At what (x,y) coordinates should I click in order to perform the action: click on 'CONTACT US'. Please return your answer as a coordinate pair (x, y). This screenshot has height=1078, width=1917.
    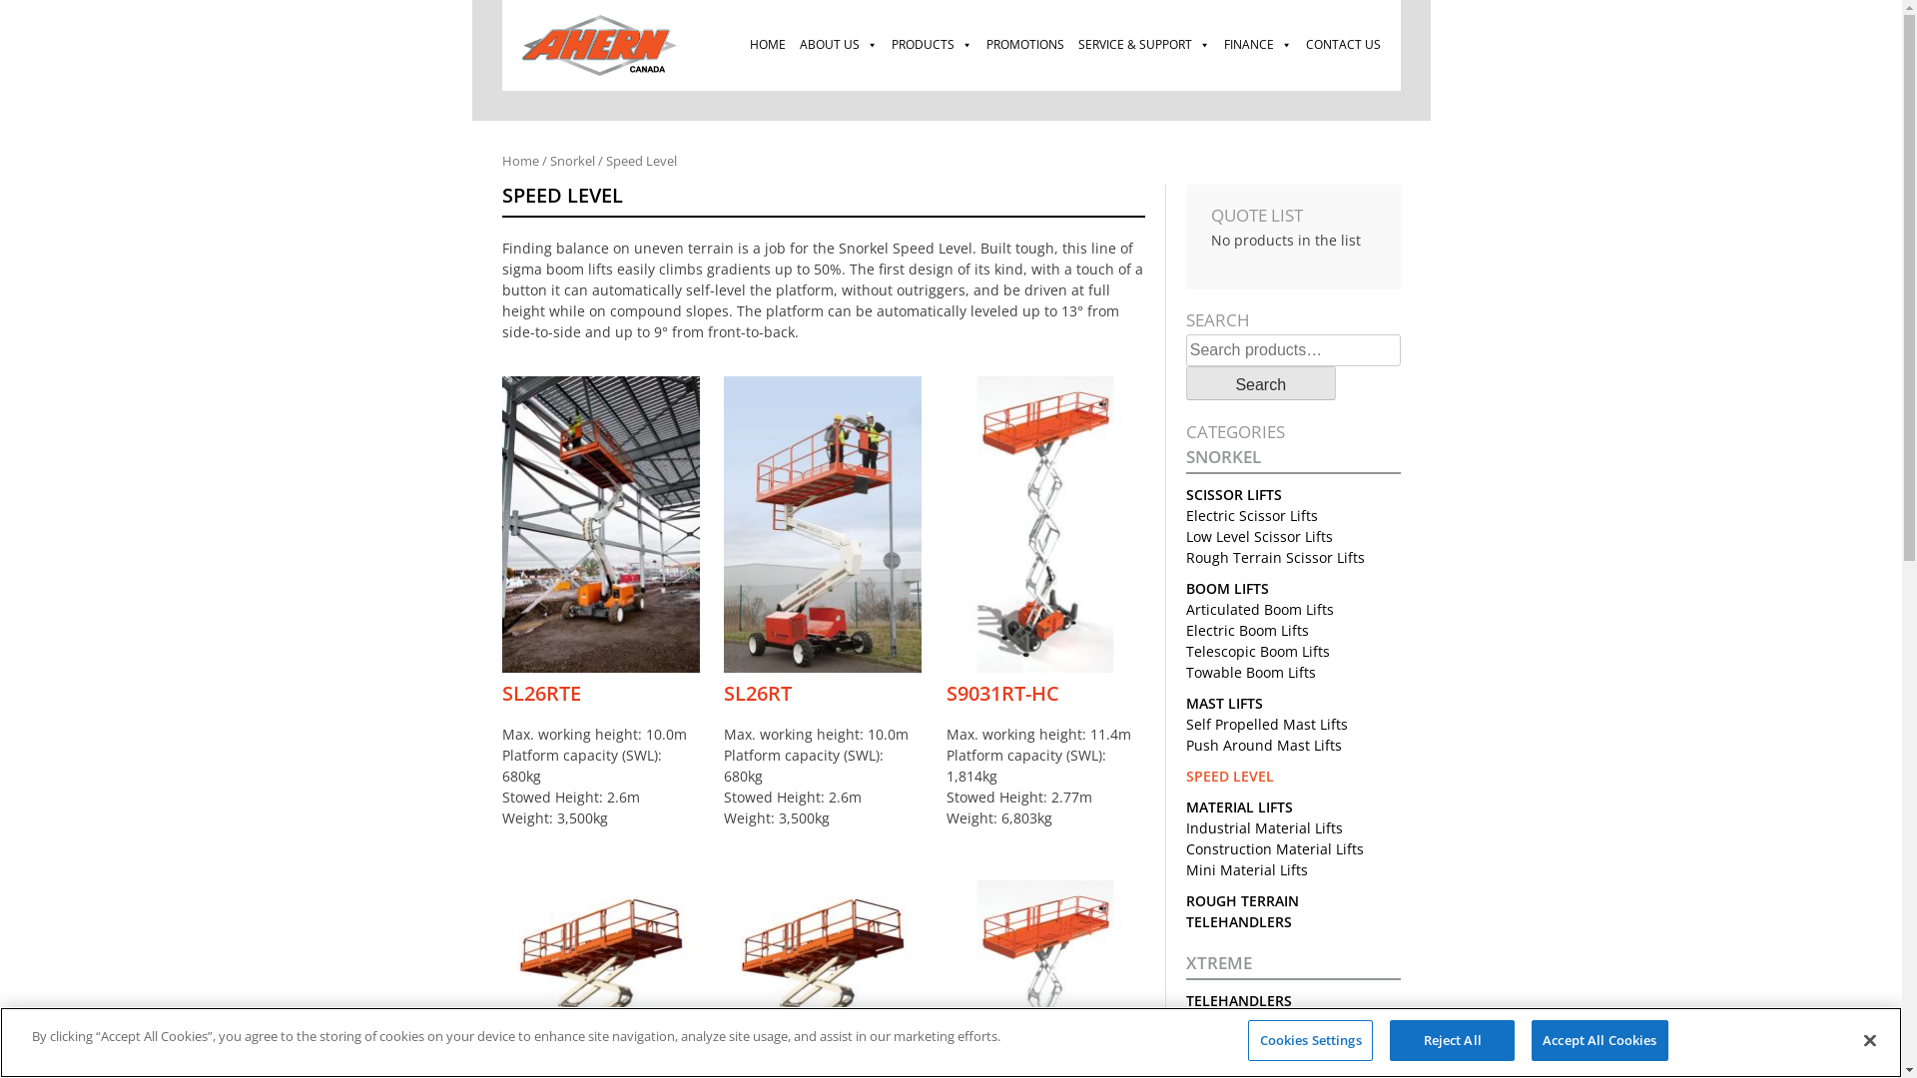
    Looking at the image, I should click on (1342, 45).